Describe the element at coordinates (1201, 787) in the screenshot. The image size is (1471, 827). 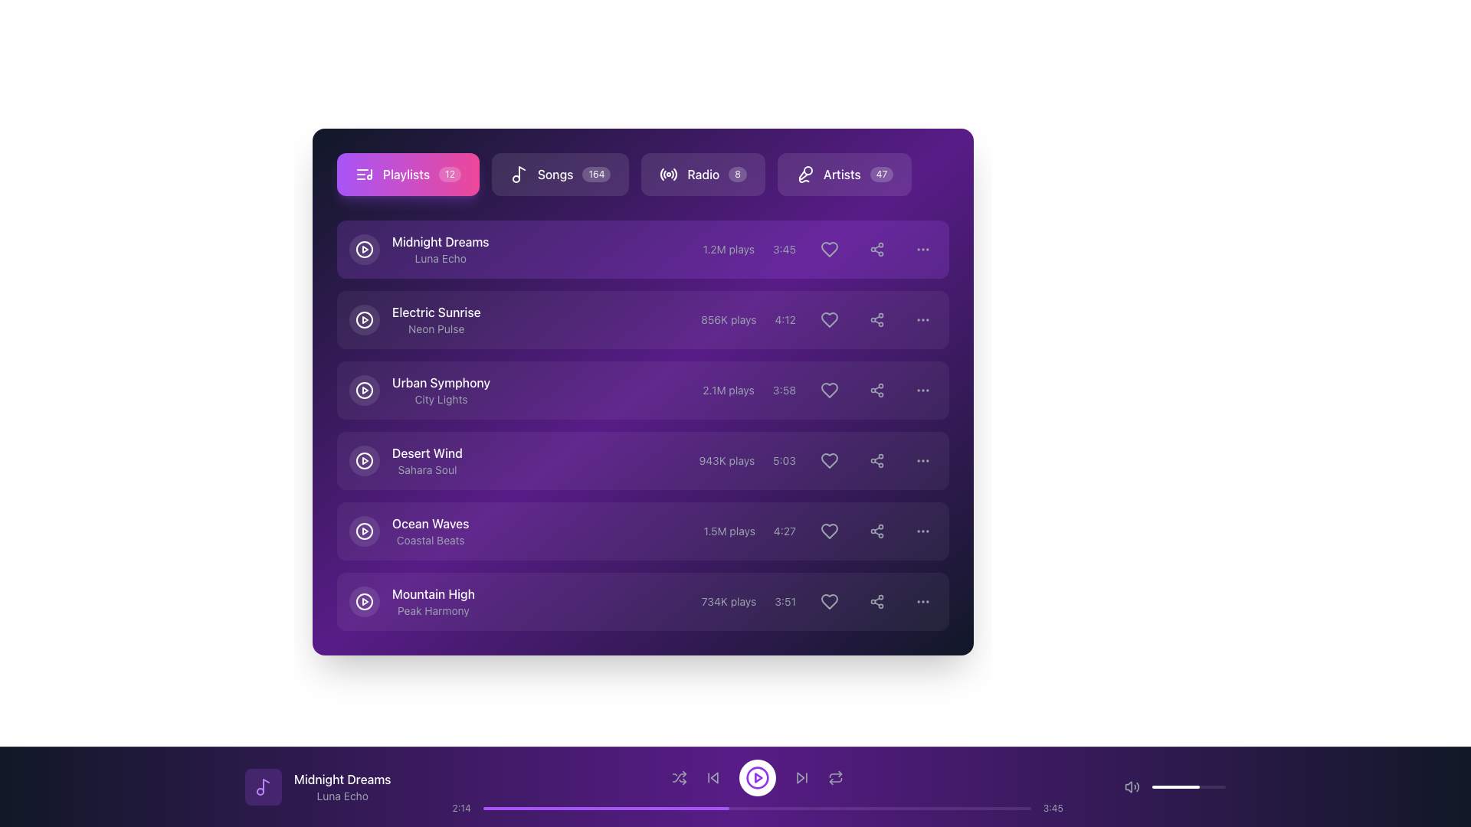
I see `the slider's value` at that location.